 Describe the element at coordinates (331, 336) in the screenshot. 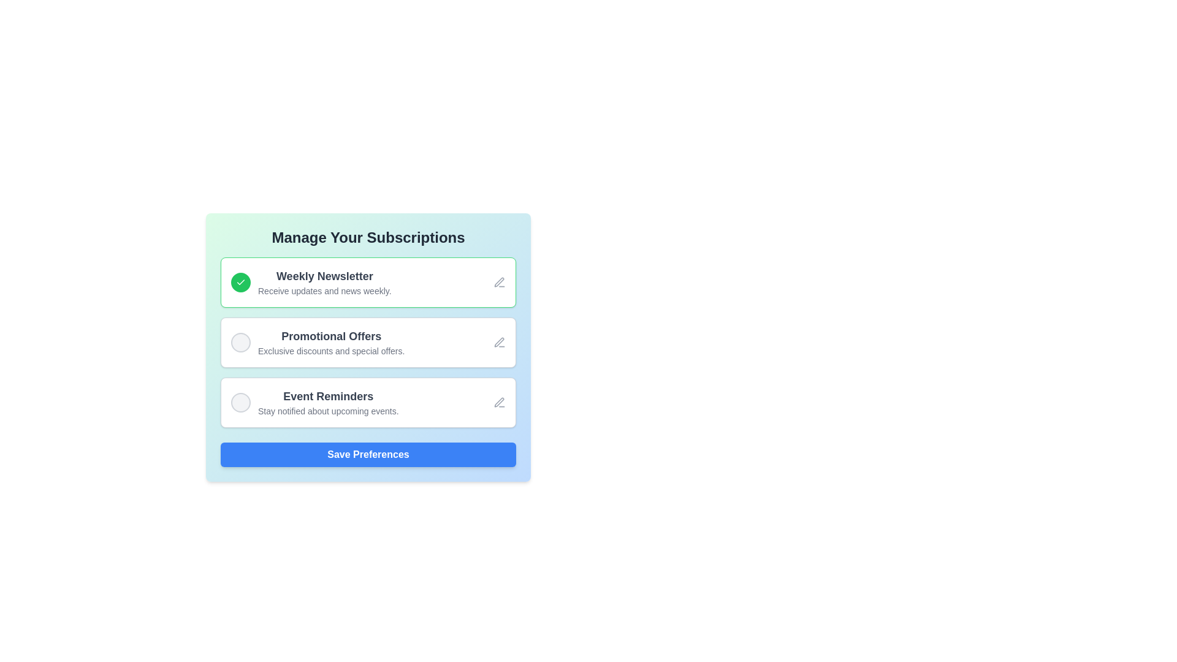

I see `the text label displaying 'Promotional Offers', which is the top text line within the card labeled 'Promotional Offers', located below the 'Weekly Newsletter' card and above the 'Event Reminders' card` at that location.